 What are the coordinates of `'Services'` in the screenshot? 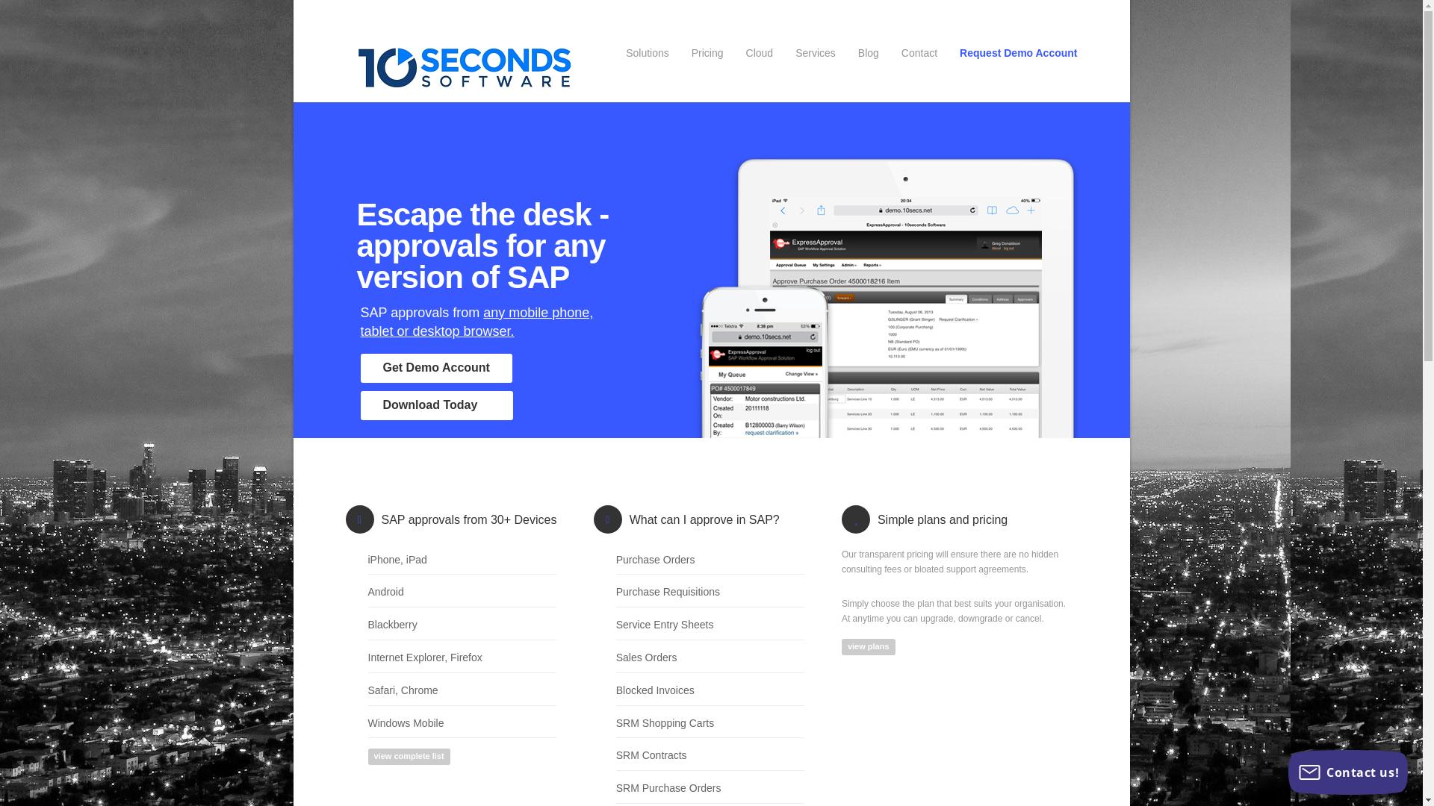 It's located at (814, 54).